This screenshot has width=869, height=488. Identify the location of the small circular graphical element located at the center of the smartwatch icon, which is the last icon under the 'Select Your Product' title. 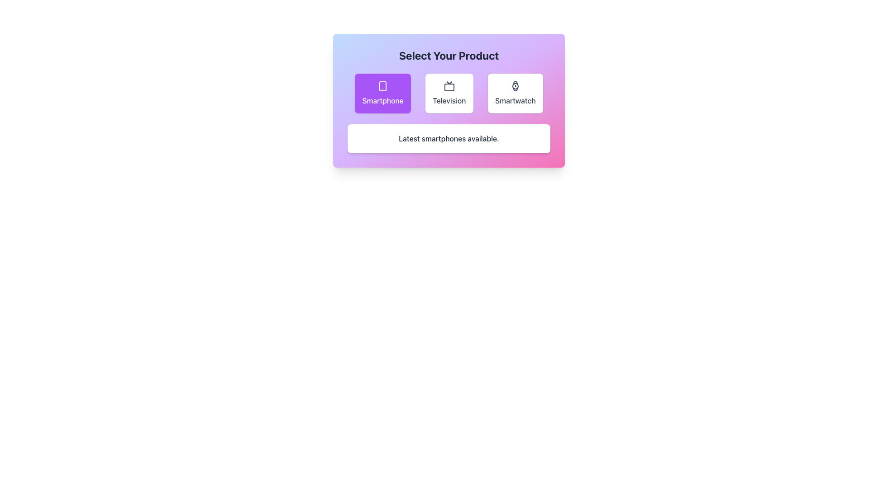
(515, 86).